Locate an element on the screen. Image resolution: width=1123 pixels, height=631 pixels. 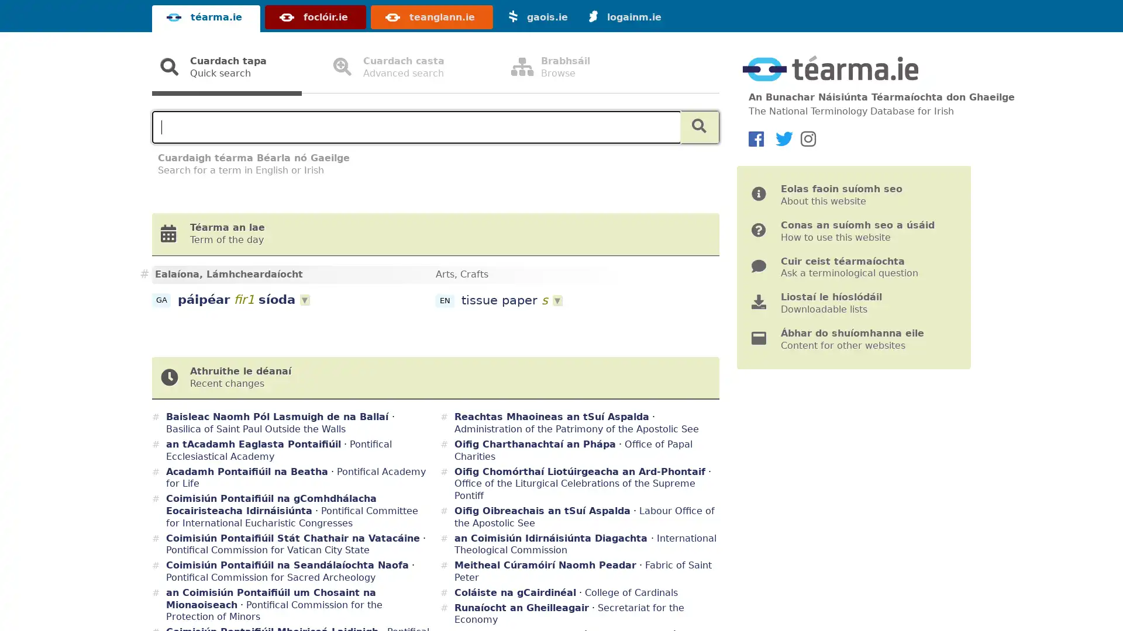
Cuardaigh  Search is located at coordinates (699, 127).